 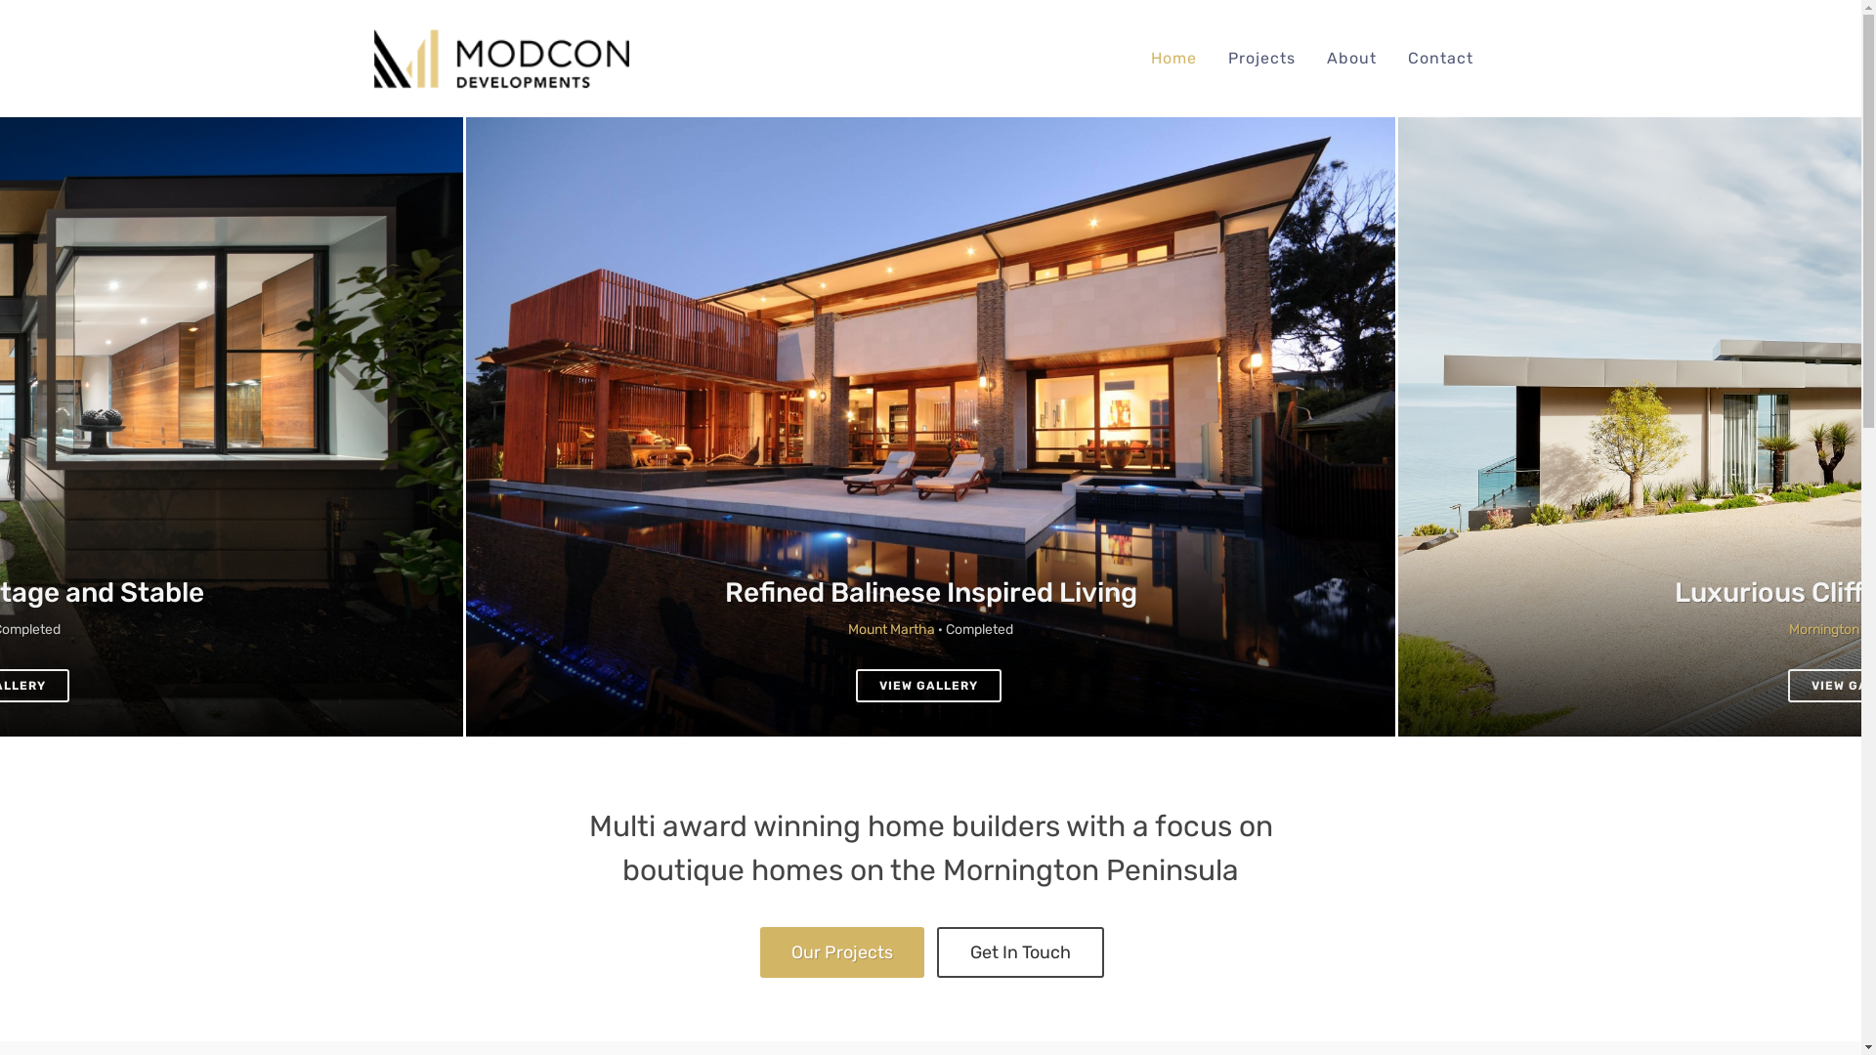 What do you see at coordinates (1349, 58) in the screenshot?
I see `'About'` at bounding box center [1349, 58].